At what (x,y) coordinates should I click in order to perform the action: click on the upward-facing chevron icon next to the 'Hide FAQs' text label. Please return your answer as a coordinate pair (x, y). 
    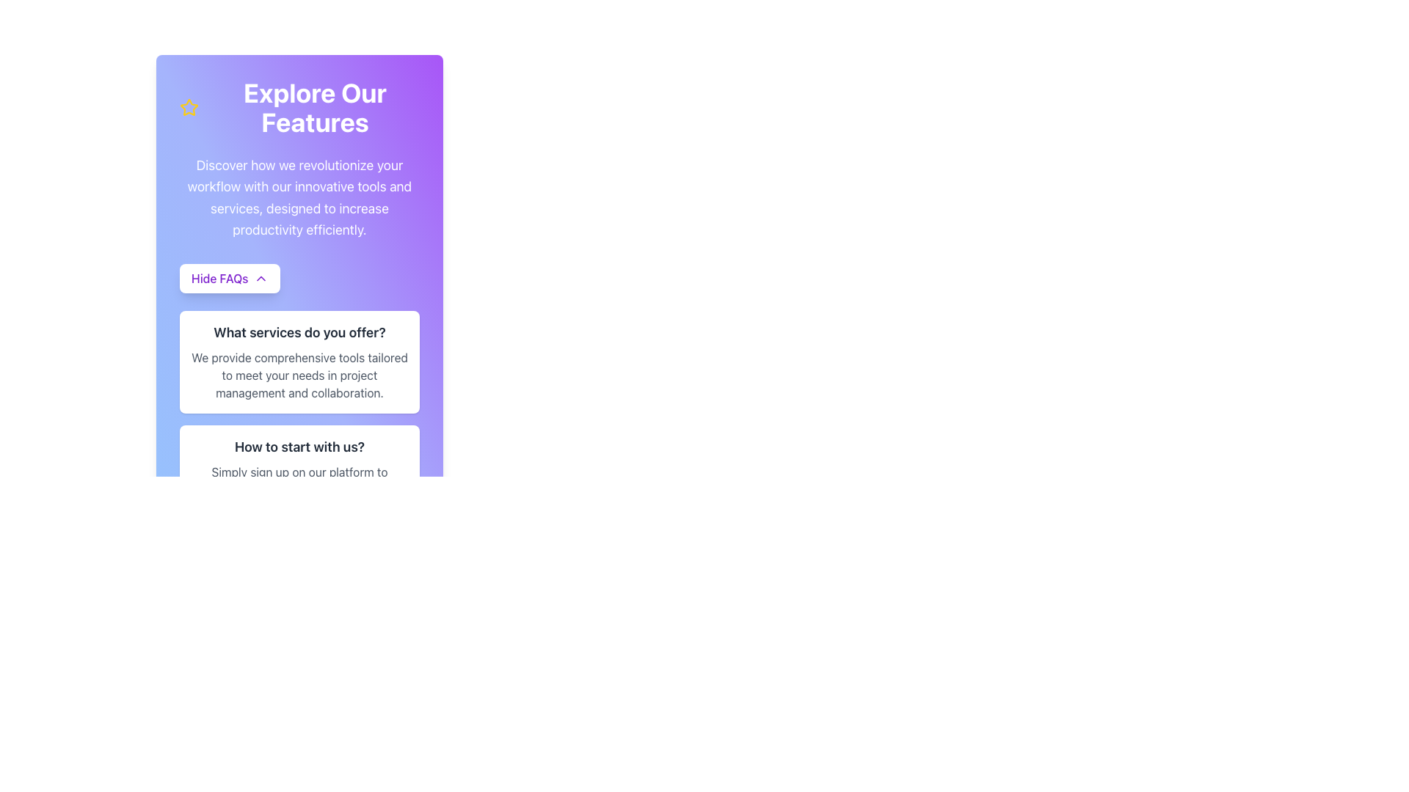
    Looking at the image, I should click on (261, 279).